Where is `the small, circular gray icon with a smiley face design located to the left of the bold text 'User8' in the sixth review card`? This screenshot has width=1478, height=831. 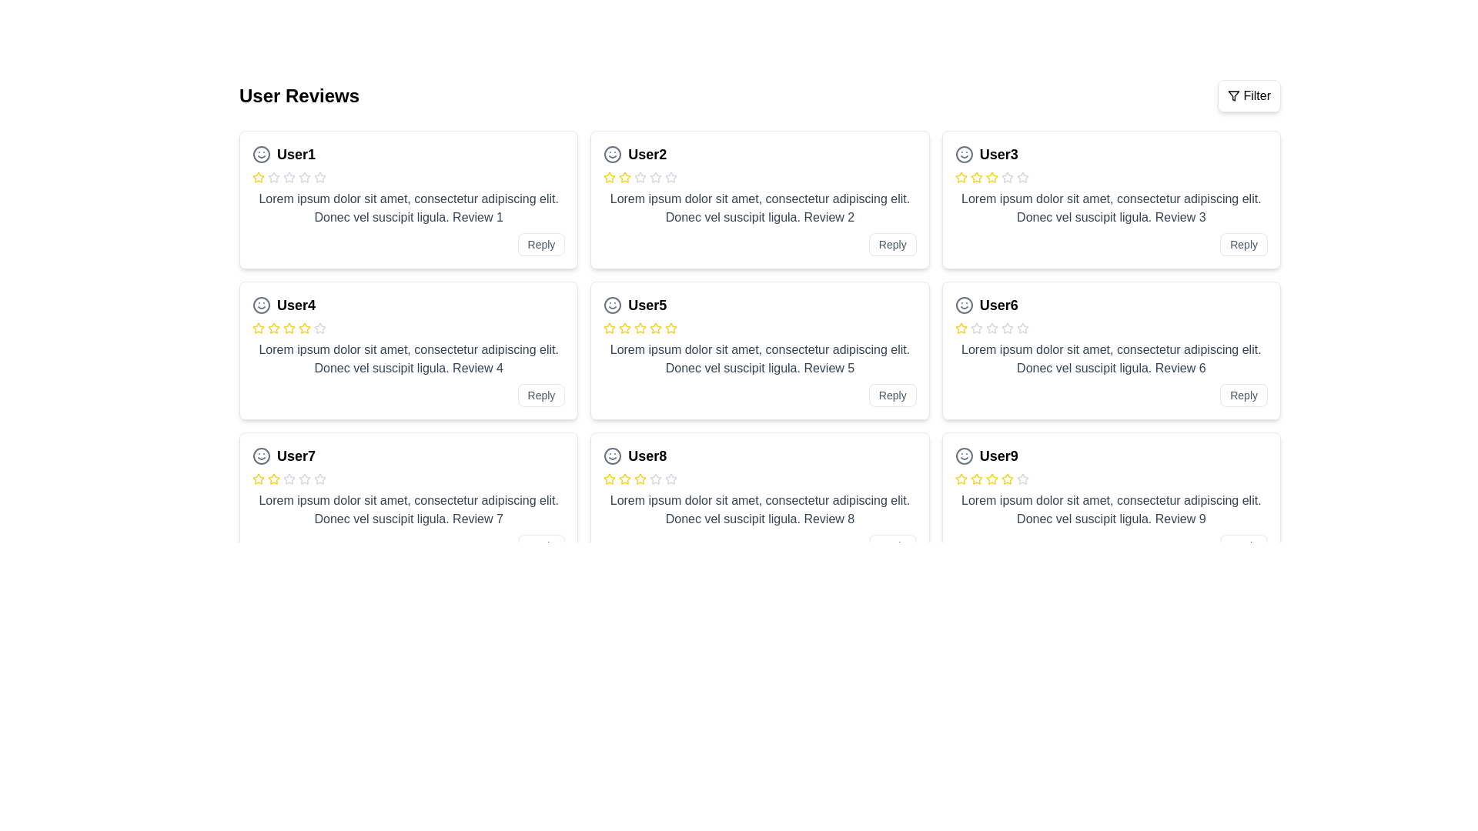 the small, circular gray icon with a smiley face design located to the left of the bold text 'User8' in the sixth review card is located at coordinates (612, 456).